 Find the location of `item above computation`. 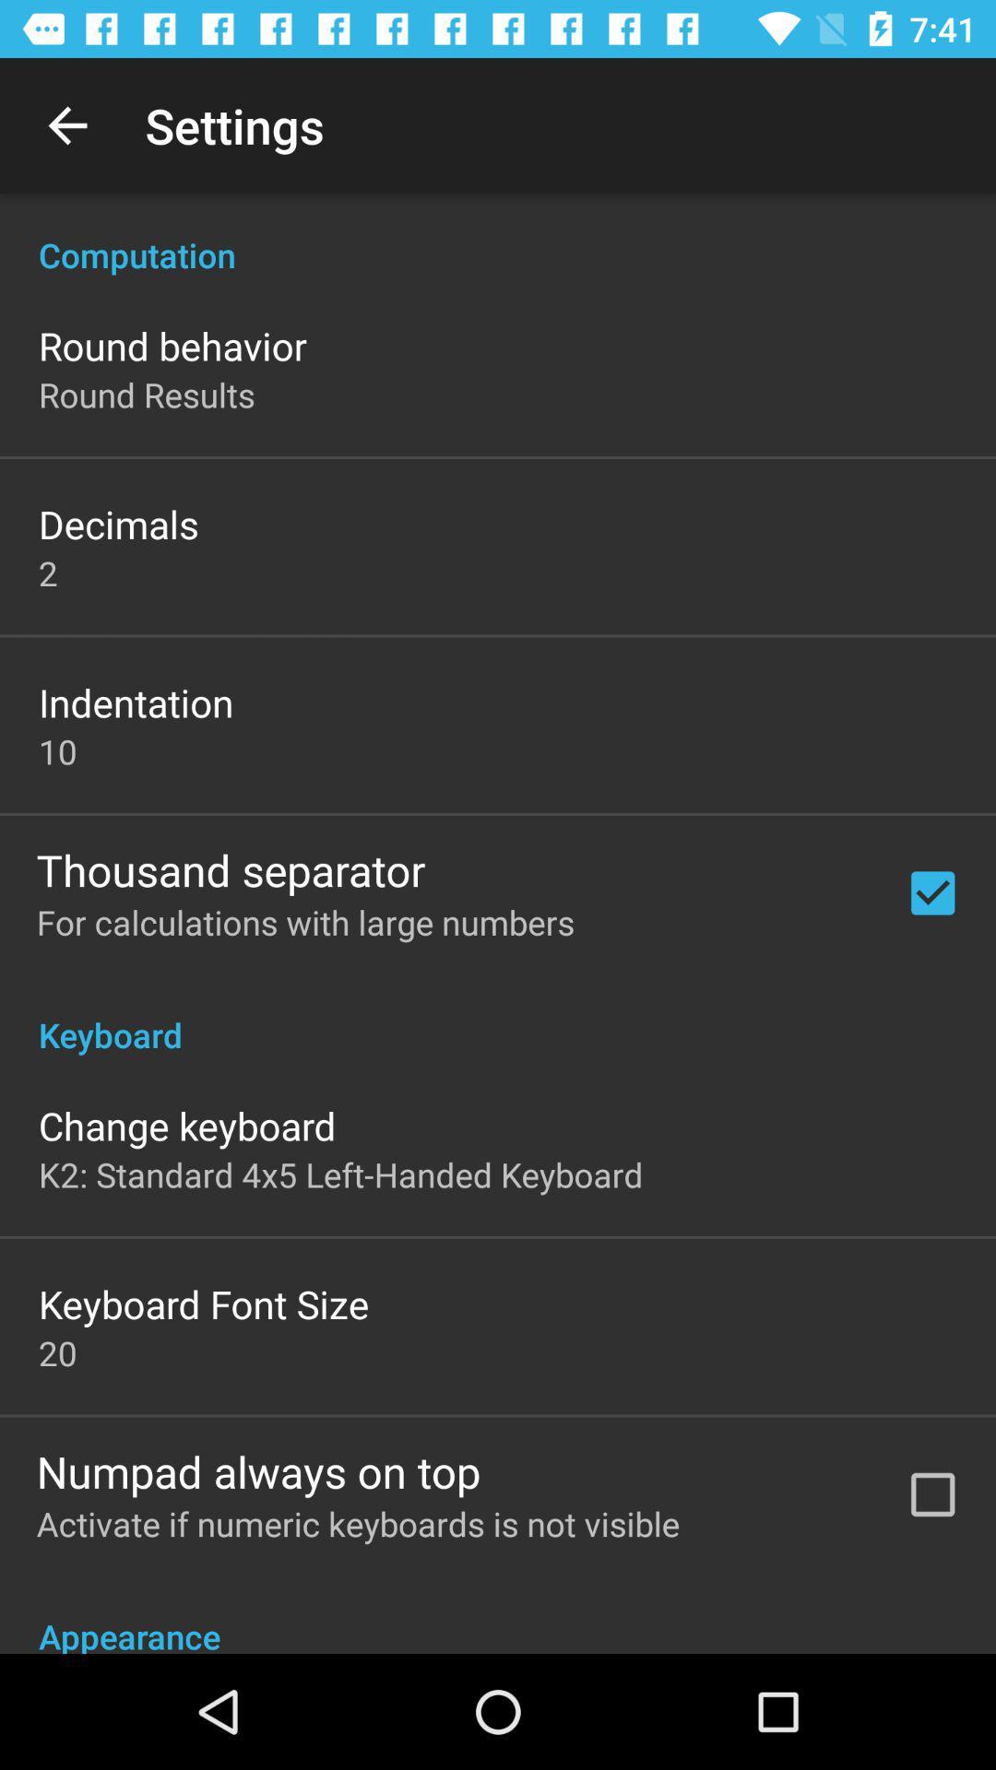

item above computation is located at coordinates (66, 124).